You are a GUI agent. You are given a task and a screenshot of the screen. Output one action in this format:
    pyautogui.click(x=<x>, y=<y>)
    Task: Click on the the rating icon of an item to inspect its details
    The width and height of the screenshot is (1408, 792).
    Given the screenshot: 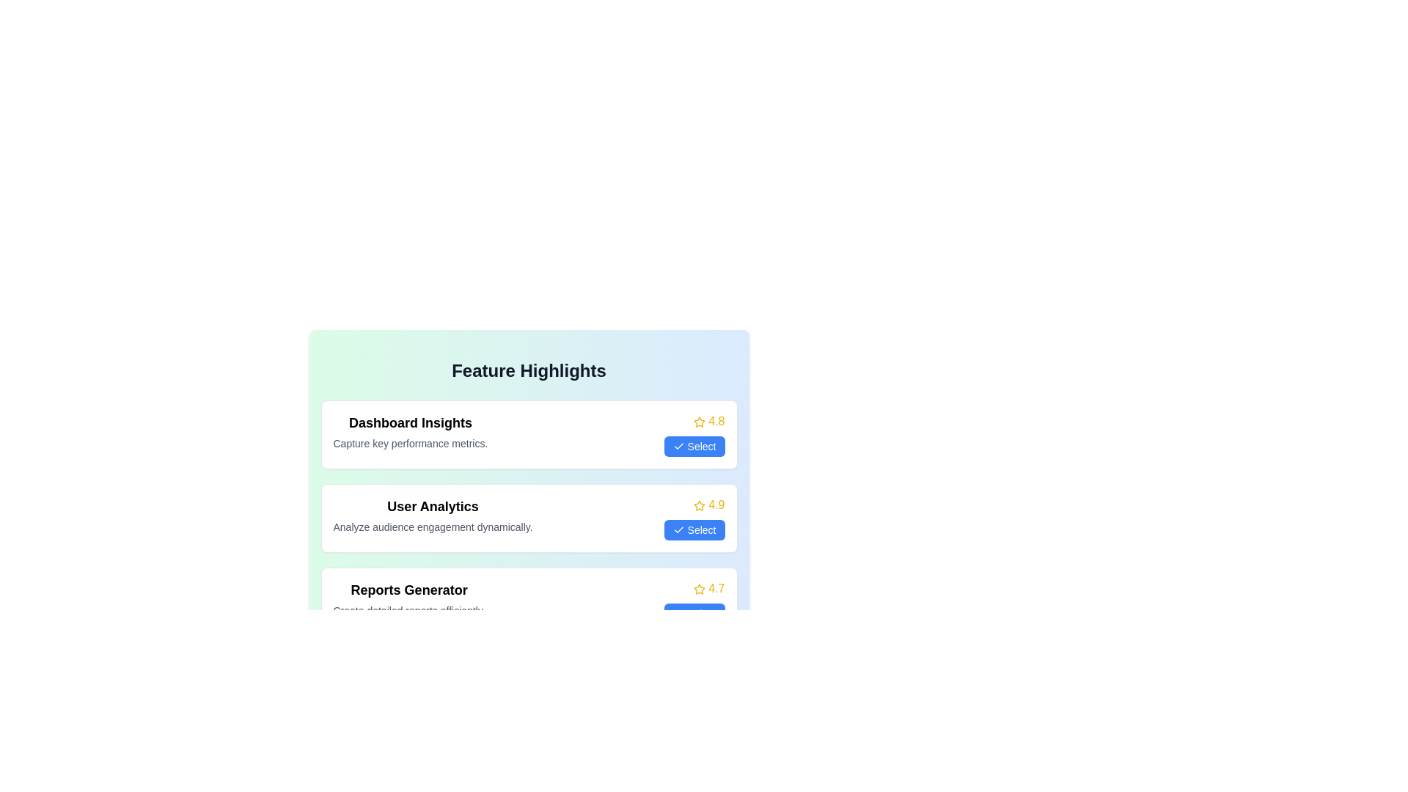 What is the action you would take?
    pyautogui.click(x=698, y=421)
    